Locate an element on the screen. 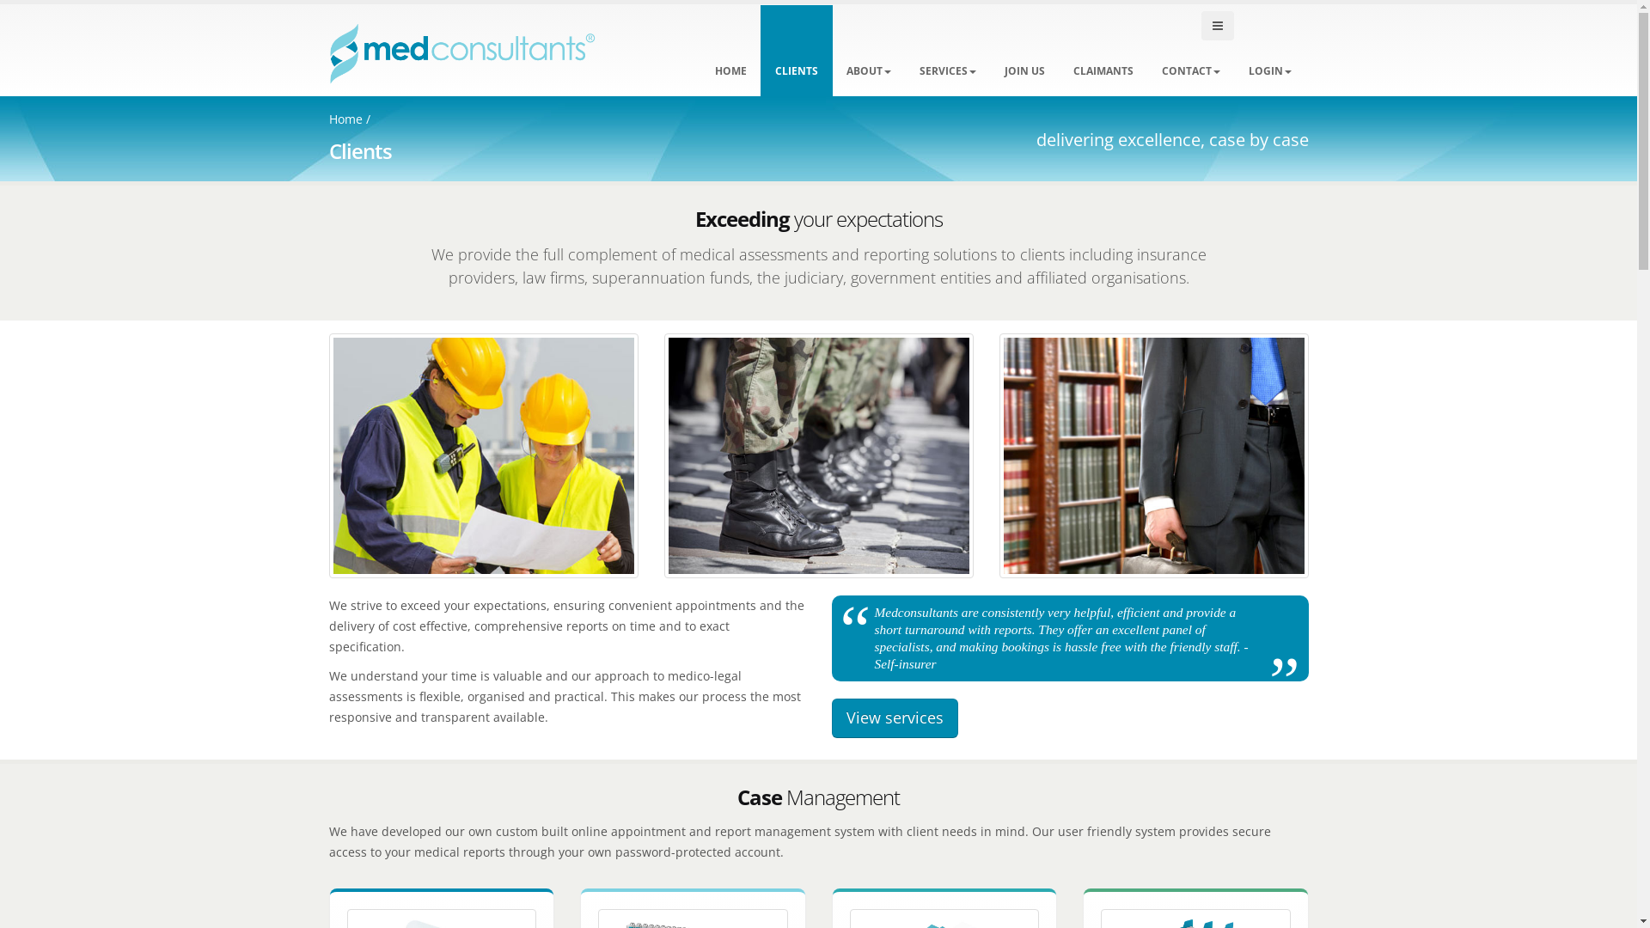  'SERVICES' is located at coordinates (946, 50).